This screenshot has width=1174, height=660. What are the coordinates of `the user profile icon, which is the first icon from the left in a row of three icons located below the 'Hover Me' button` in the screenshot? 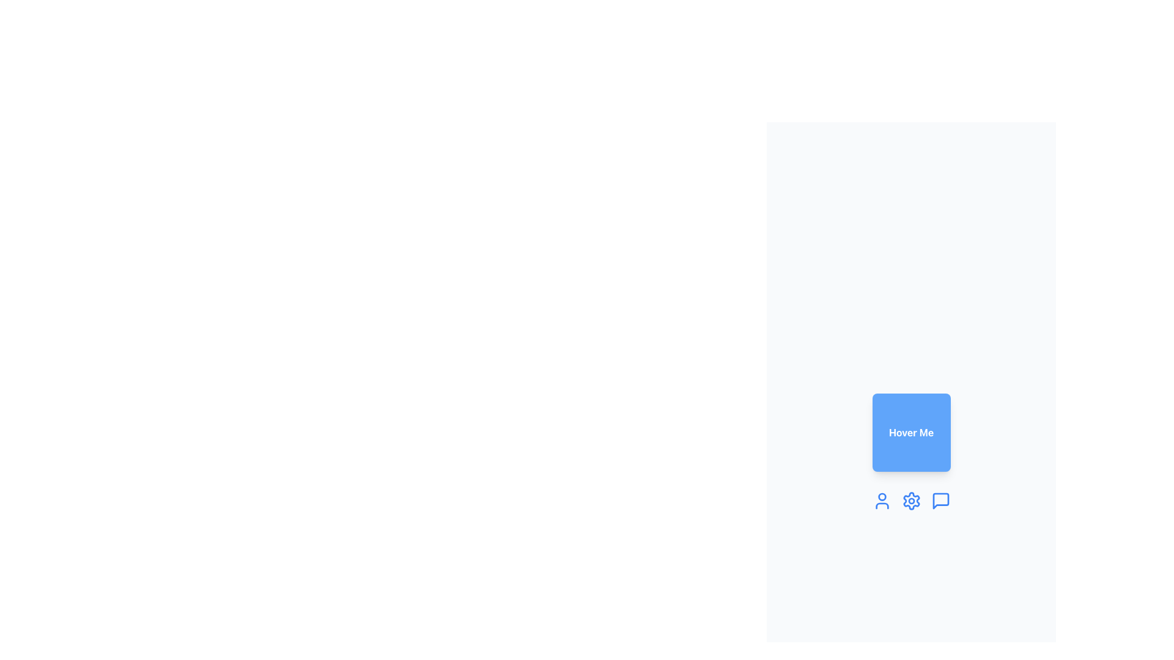 It's located at (882, 501).